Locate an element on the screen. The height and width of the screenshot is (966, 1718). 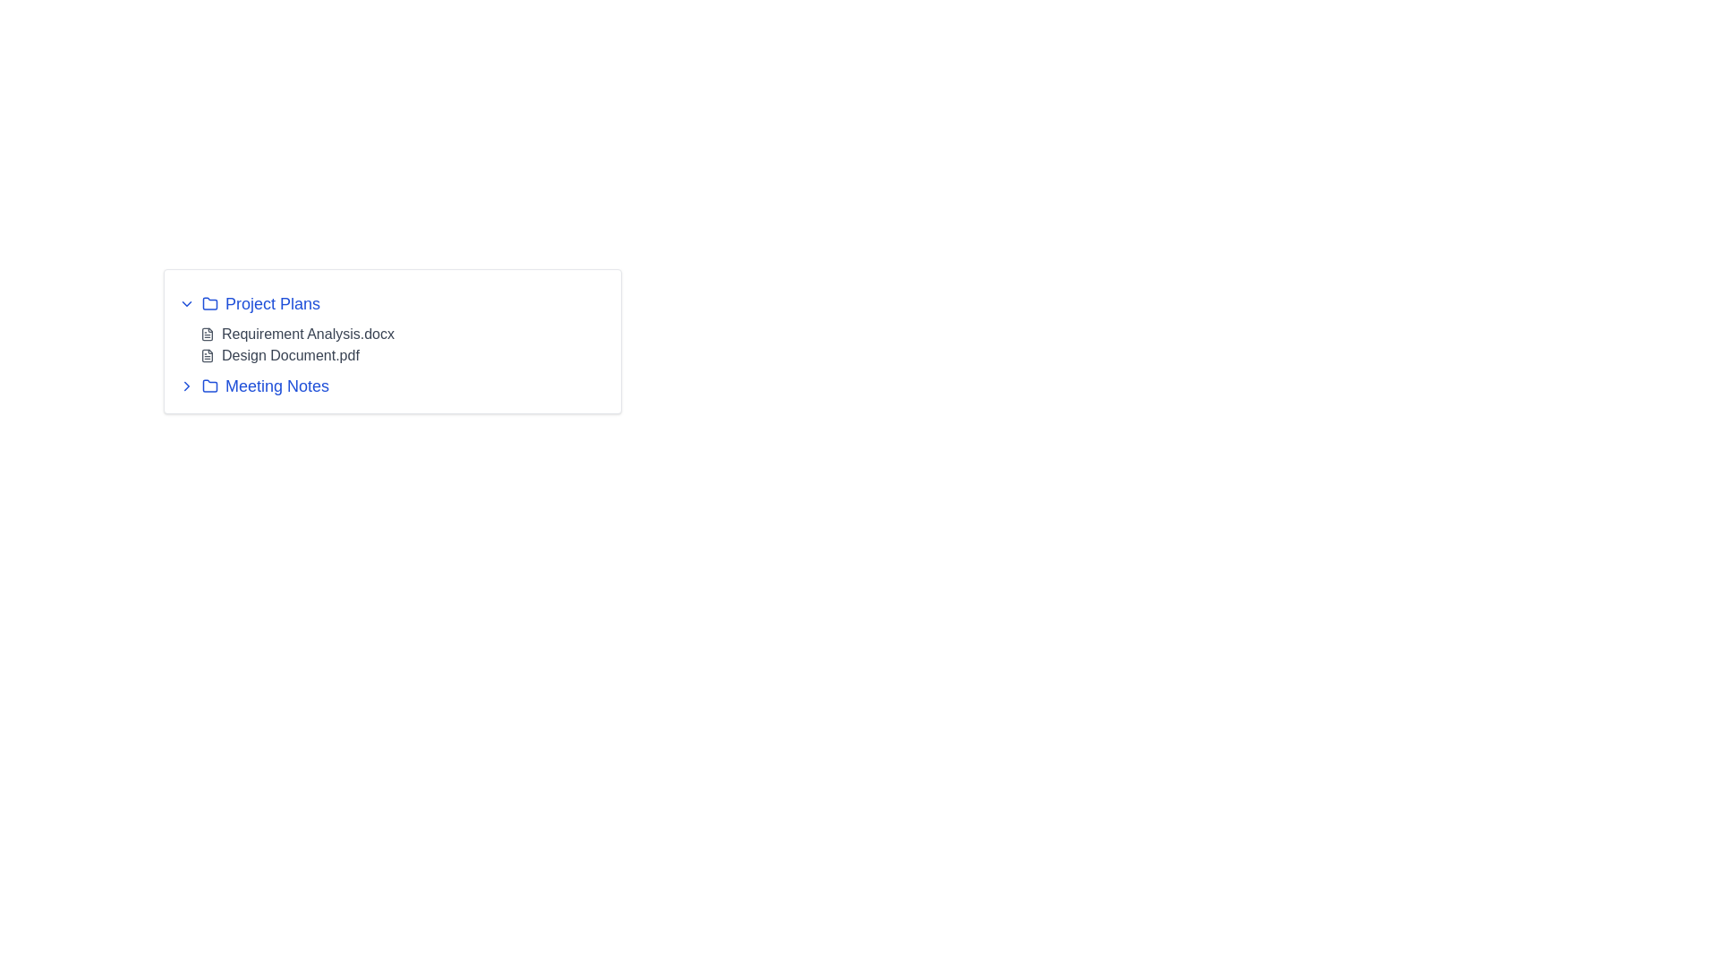
the downward-pointing chevron icon is located at coordinates (187, 302).